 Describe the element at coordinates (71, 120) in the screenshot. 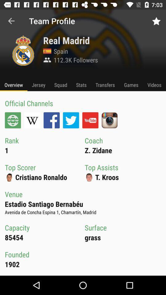

I see `the twitter icon` at that location.